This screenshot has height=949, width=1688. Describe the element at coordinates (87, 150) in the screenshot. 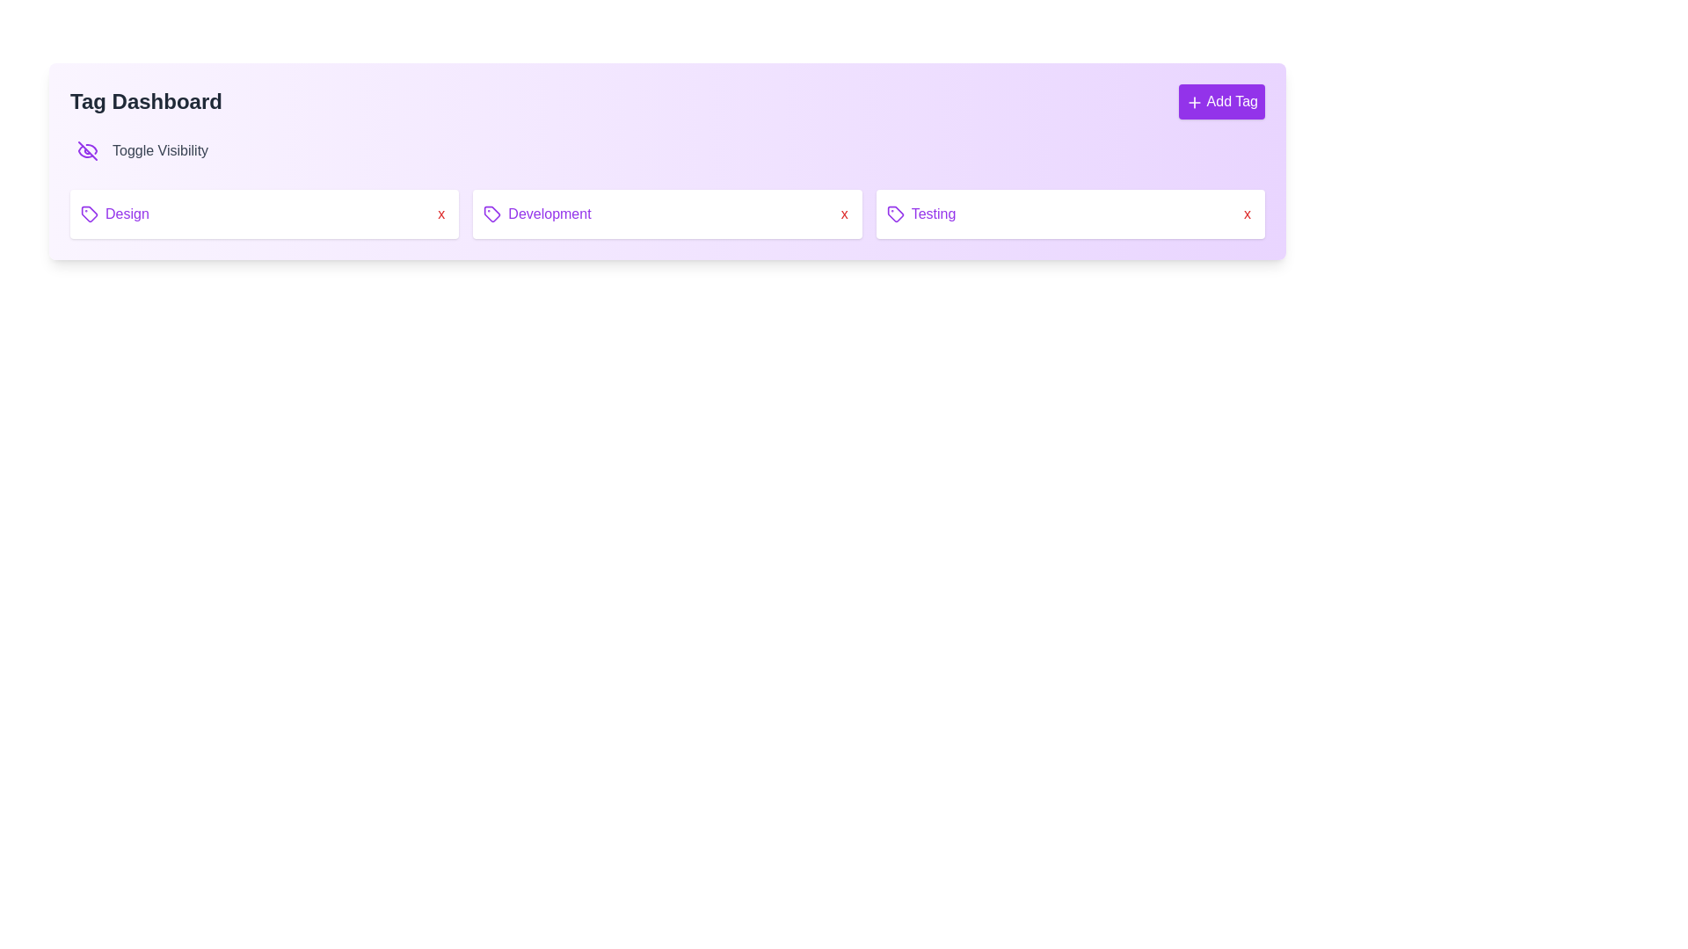

I see `the visibility toggle button` at that location.